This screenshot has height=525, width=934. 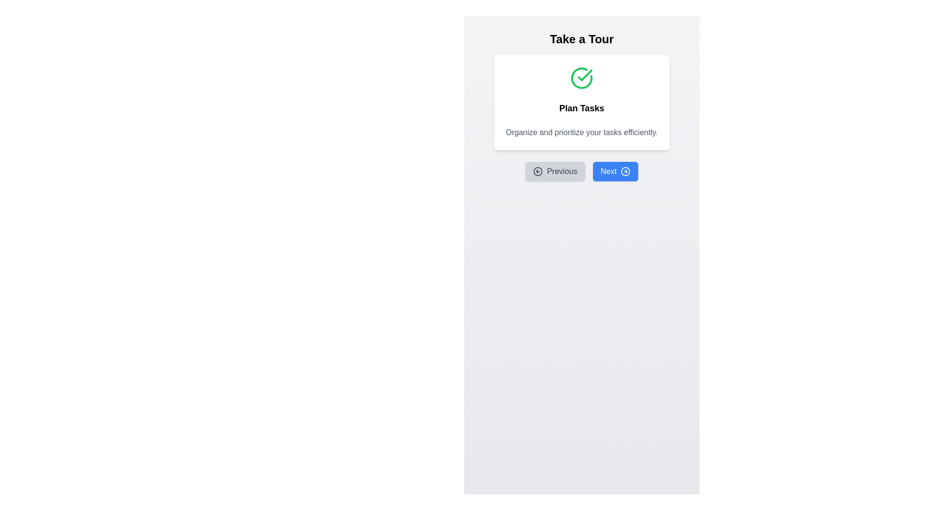 I want to click on the 'Previous' button located directly below the 'Plan Tasks' section, so click(x=555, y=171).